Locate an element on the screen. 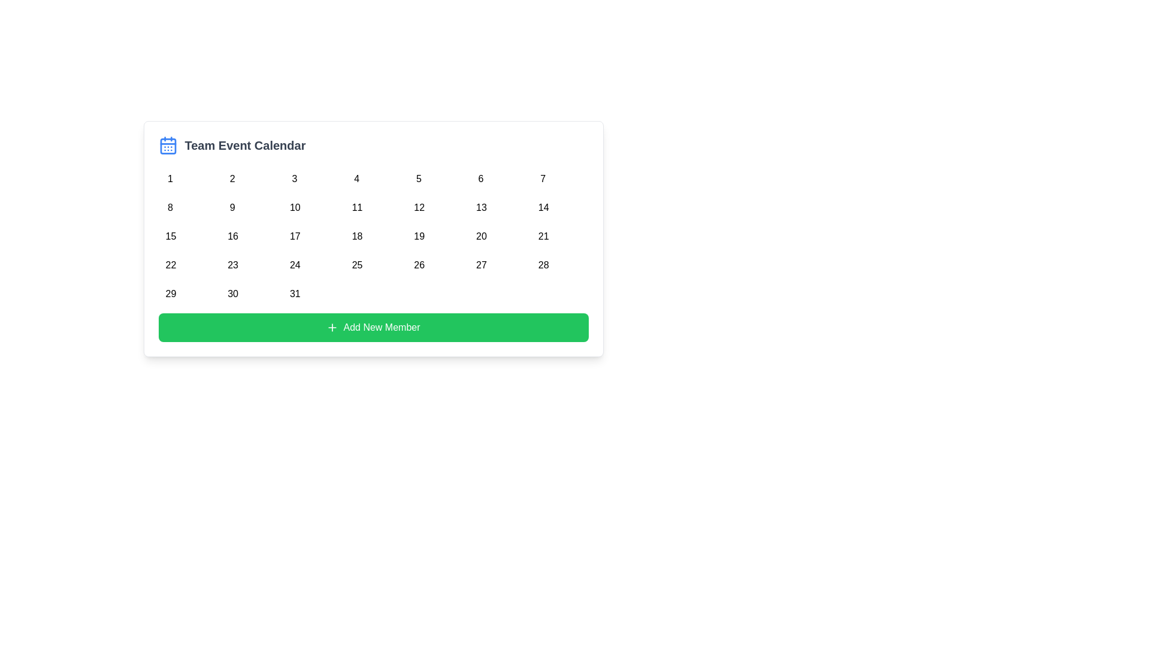 This screenshot has height=647, width=1150. the button displaying the number '30' with a rounded border and white background, located in the last row of the grid under 'Team Event Calendar' is located at coordinates (232, 291).